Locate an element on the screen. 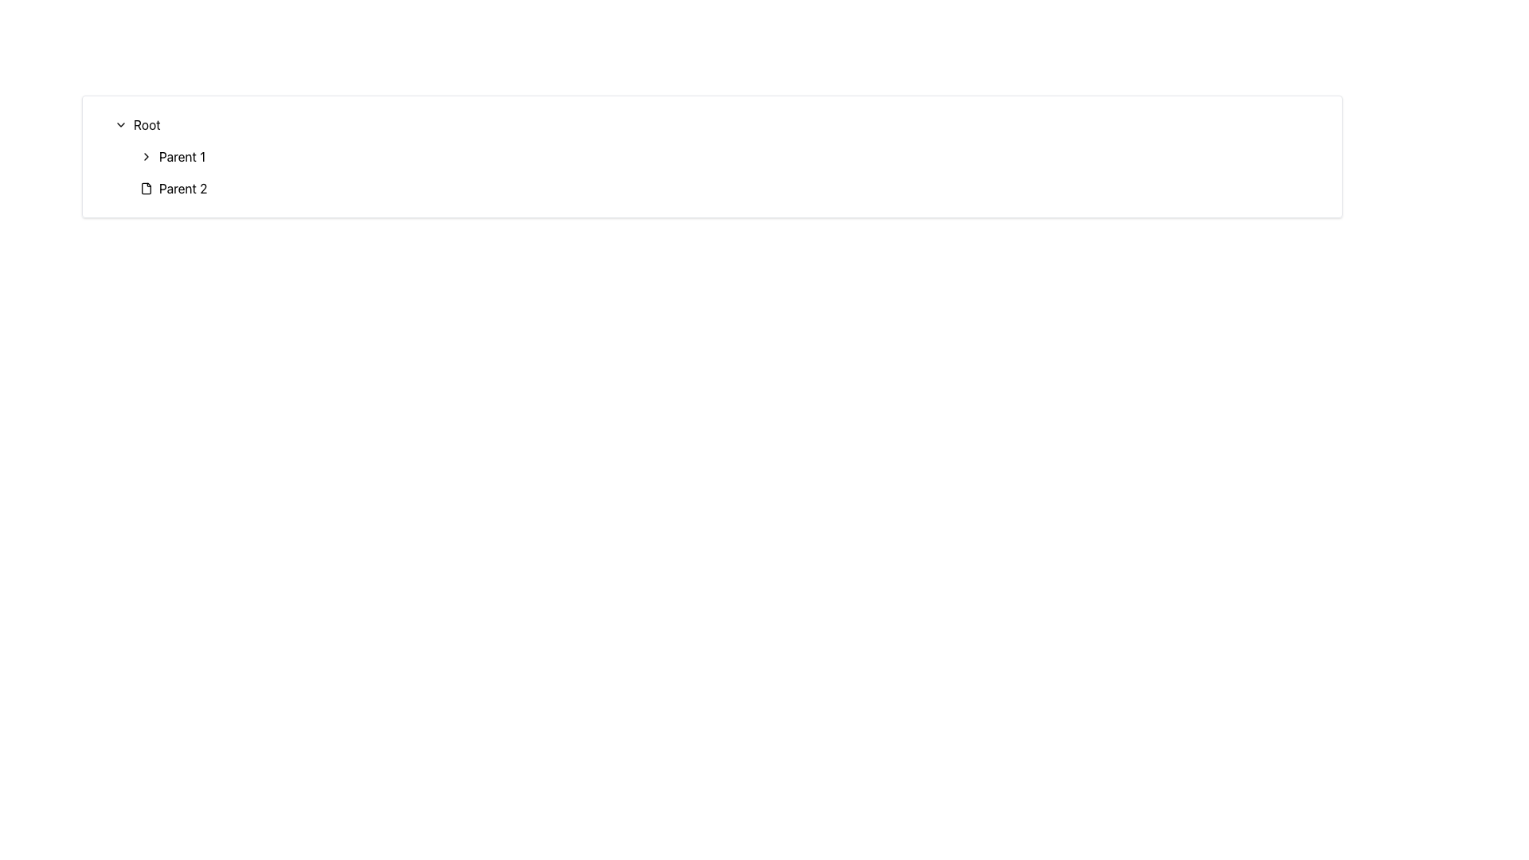  the chevron icon button that expands or collapses the content of the 'Root' section is located at coordinates (120, 124).